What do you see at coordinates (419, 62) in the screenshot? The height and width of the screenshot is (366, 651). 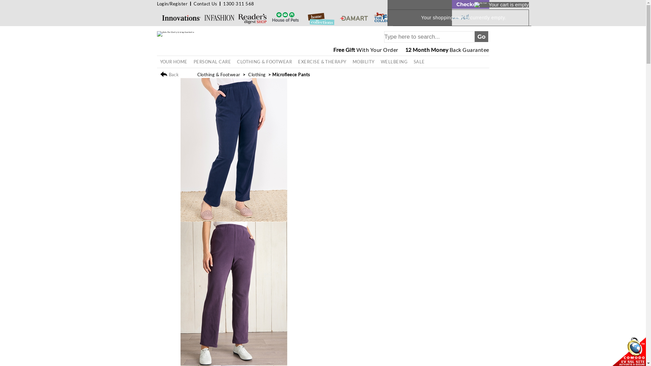 I see `'SALE'` at bounding box center [419, 62].